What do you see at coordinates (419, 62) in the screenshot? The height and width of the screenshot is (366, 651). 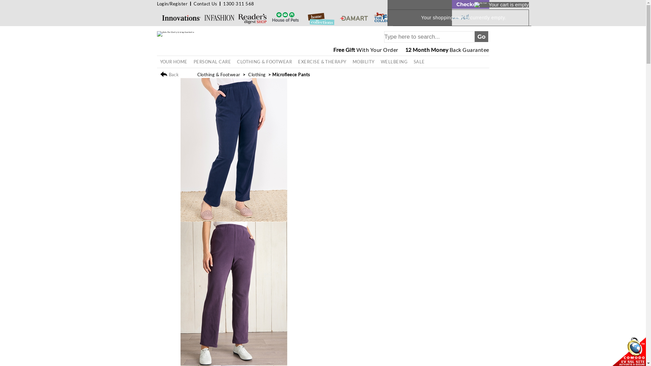 I see `'SALE'` at bounding box center [419, 62].